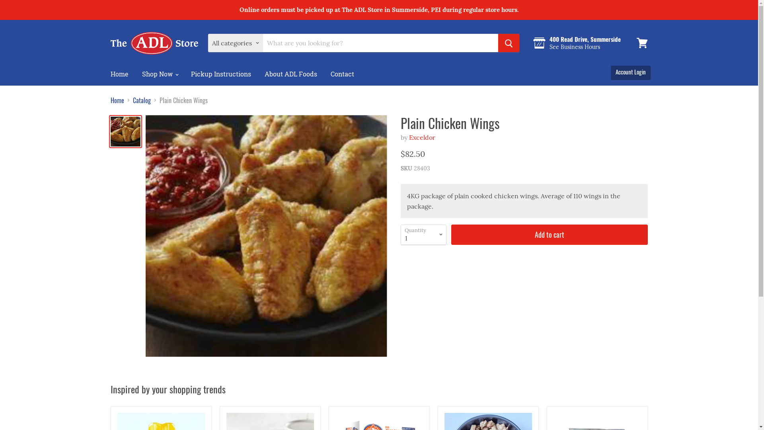  I want to click on 'Catalog', so click(142, 100).